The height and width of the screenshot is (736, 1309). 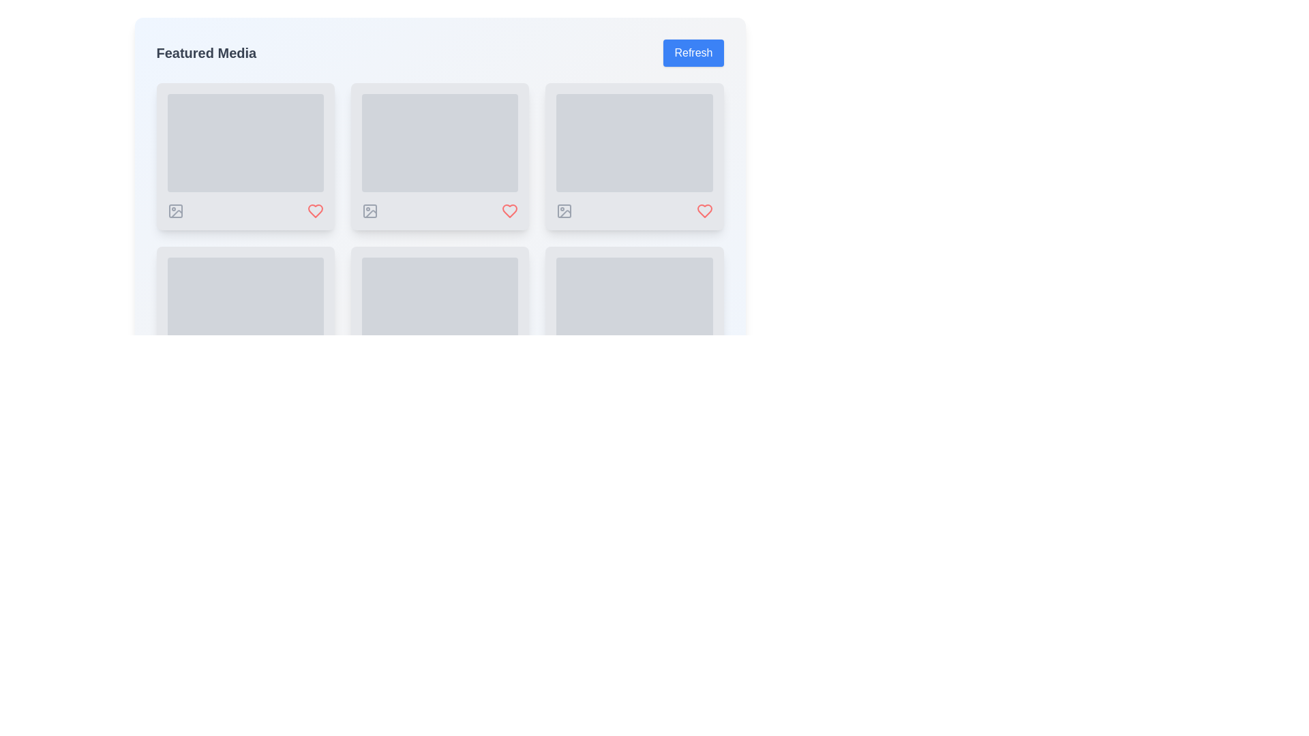 What do you see at coordinates (704, 211) in the screenshot?
I see `the 'favorite' or 'like' icon located in the second column of the grid under 'Featured Media', which is the third icon in the arrangement` at bounding box center [704, 211].